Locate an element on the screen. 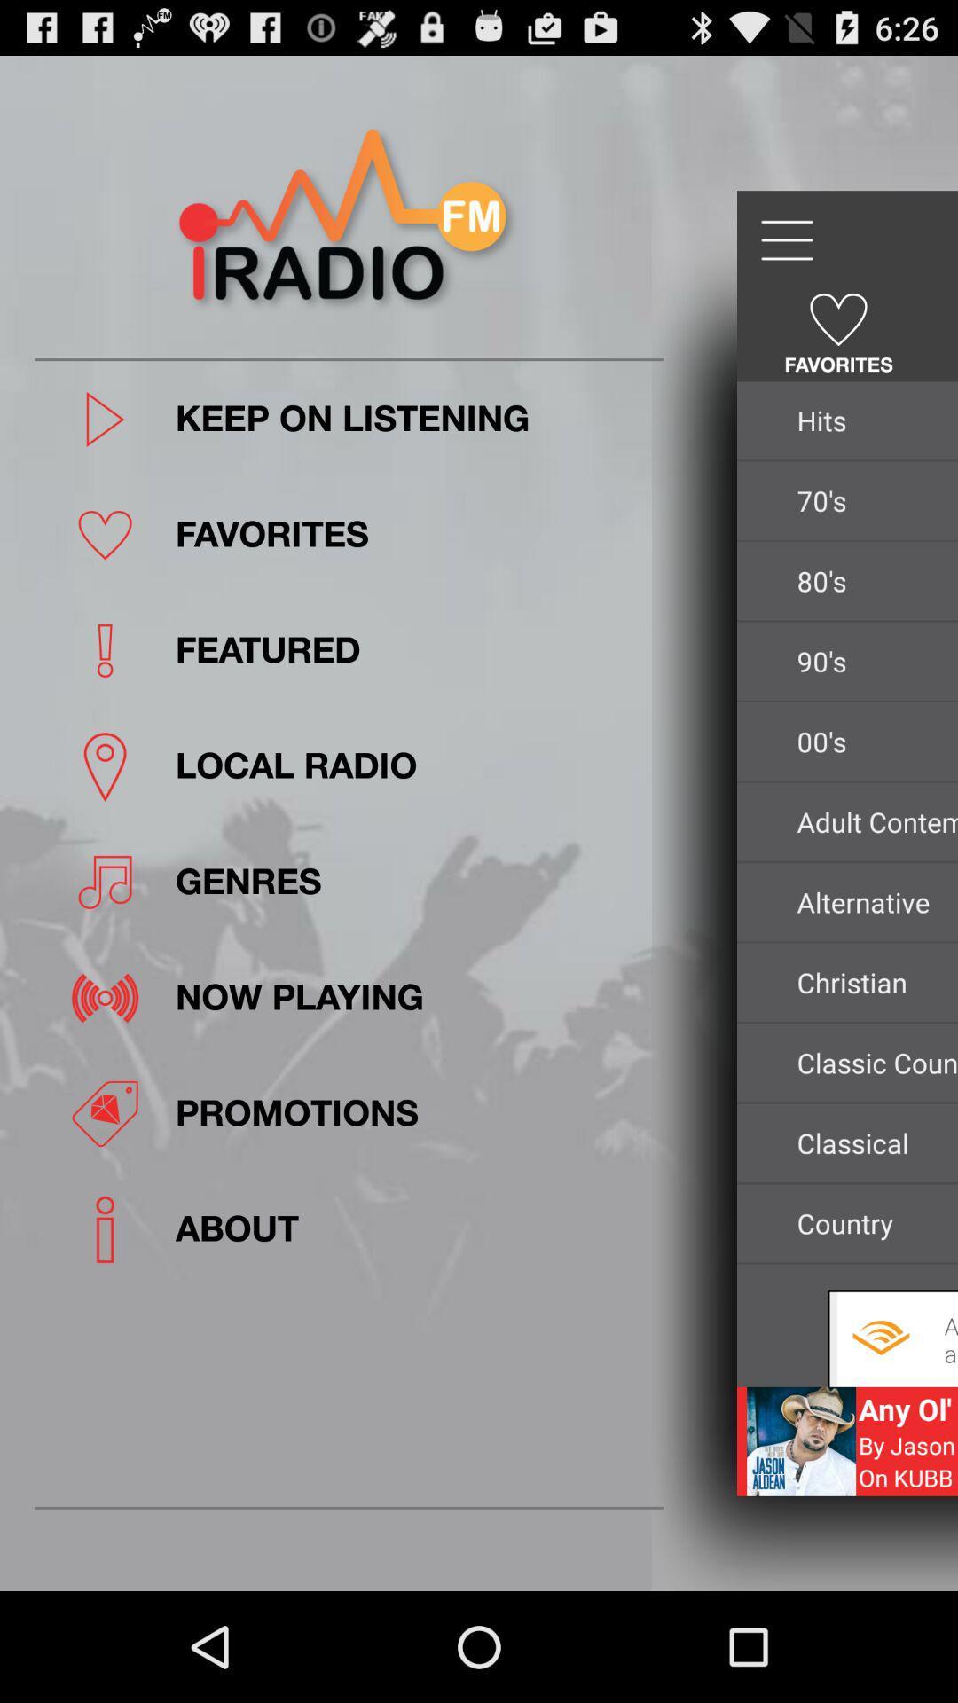 The width and height of the screenshot is (958, 1703). classical is located at coordinates (871, 1142).